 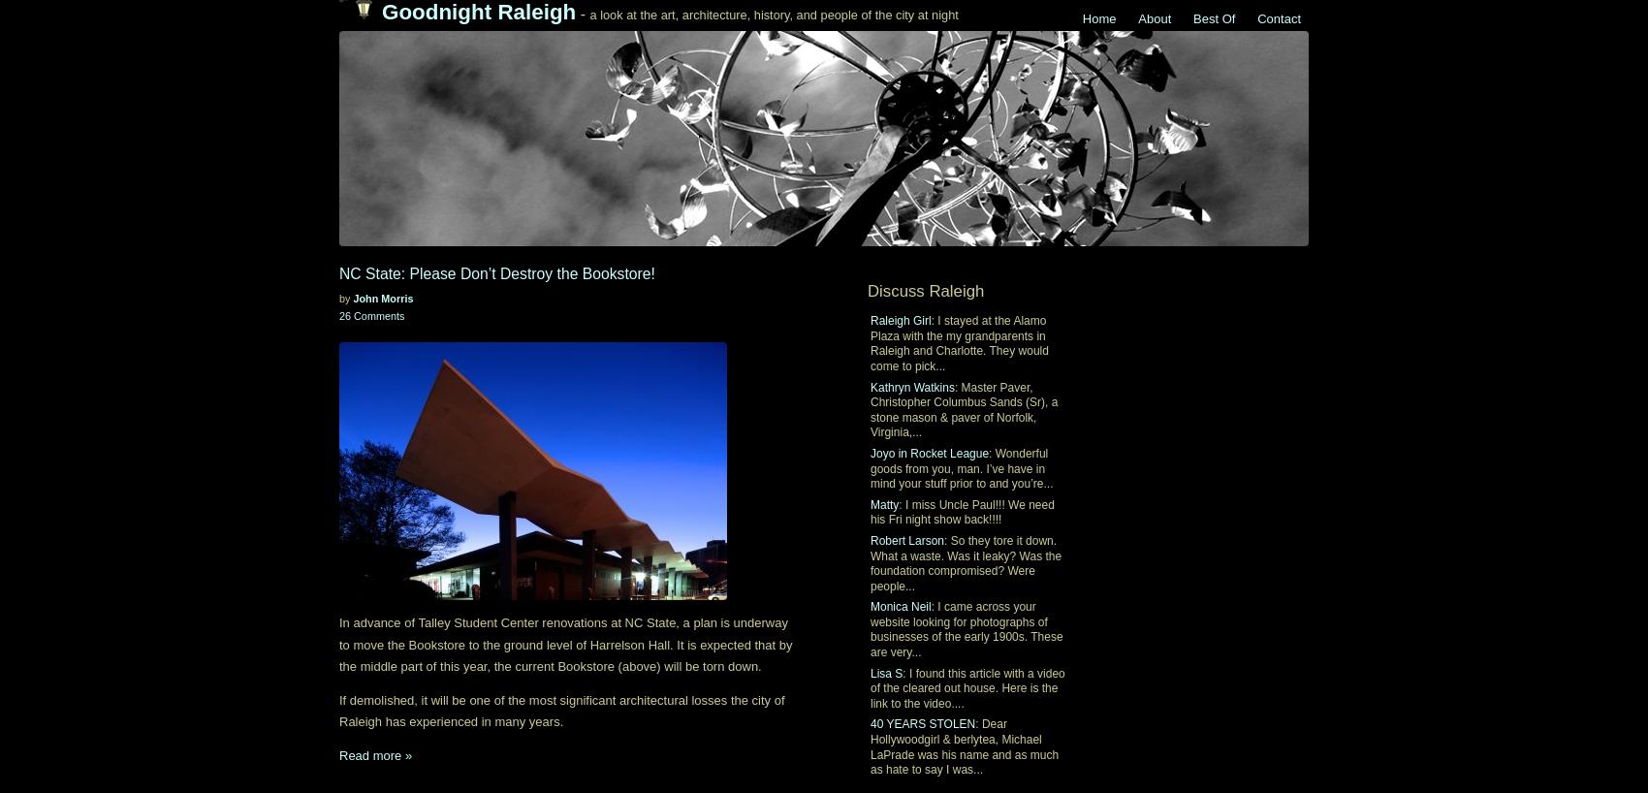 I want to click on 'Matty', so click(x=870, y=504).